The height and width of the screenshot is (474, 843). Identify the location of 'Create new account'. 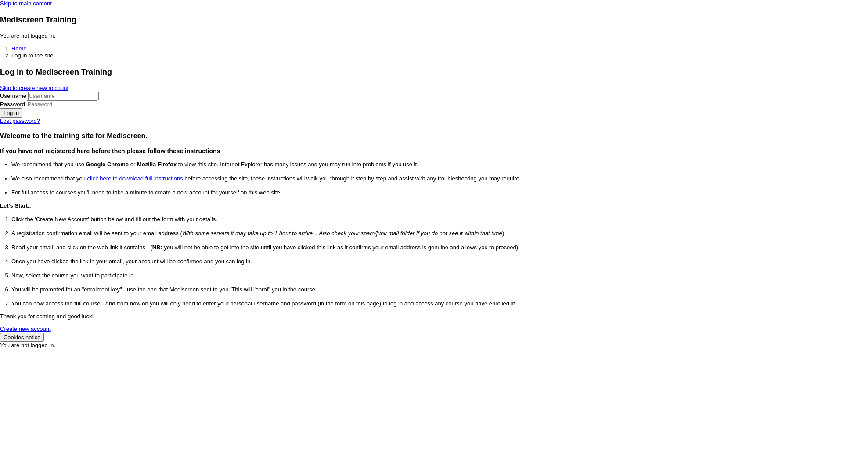
(25, 329).